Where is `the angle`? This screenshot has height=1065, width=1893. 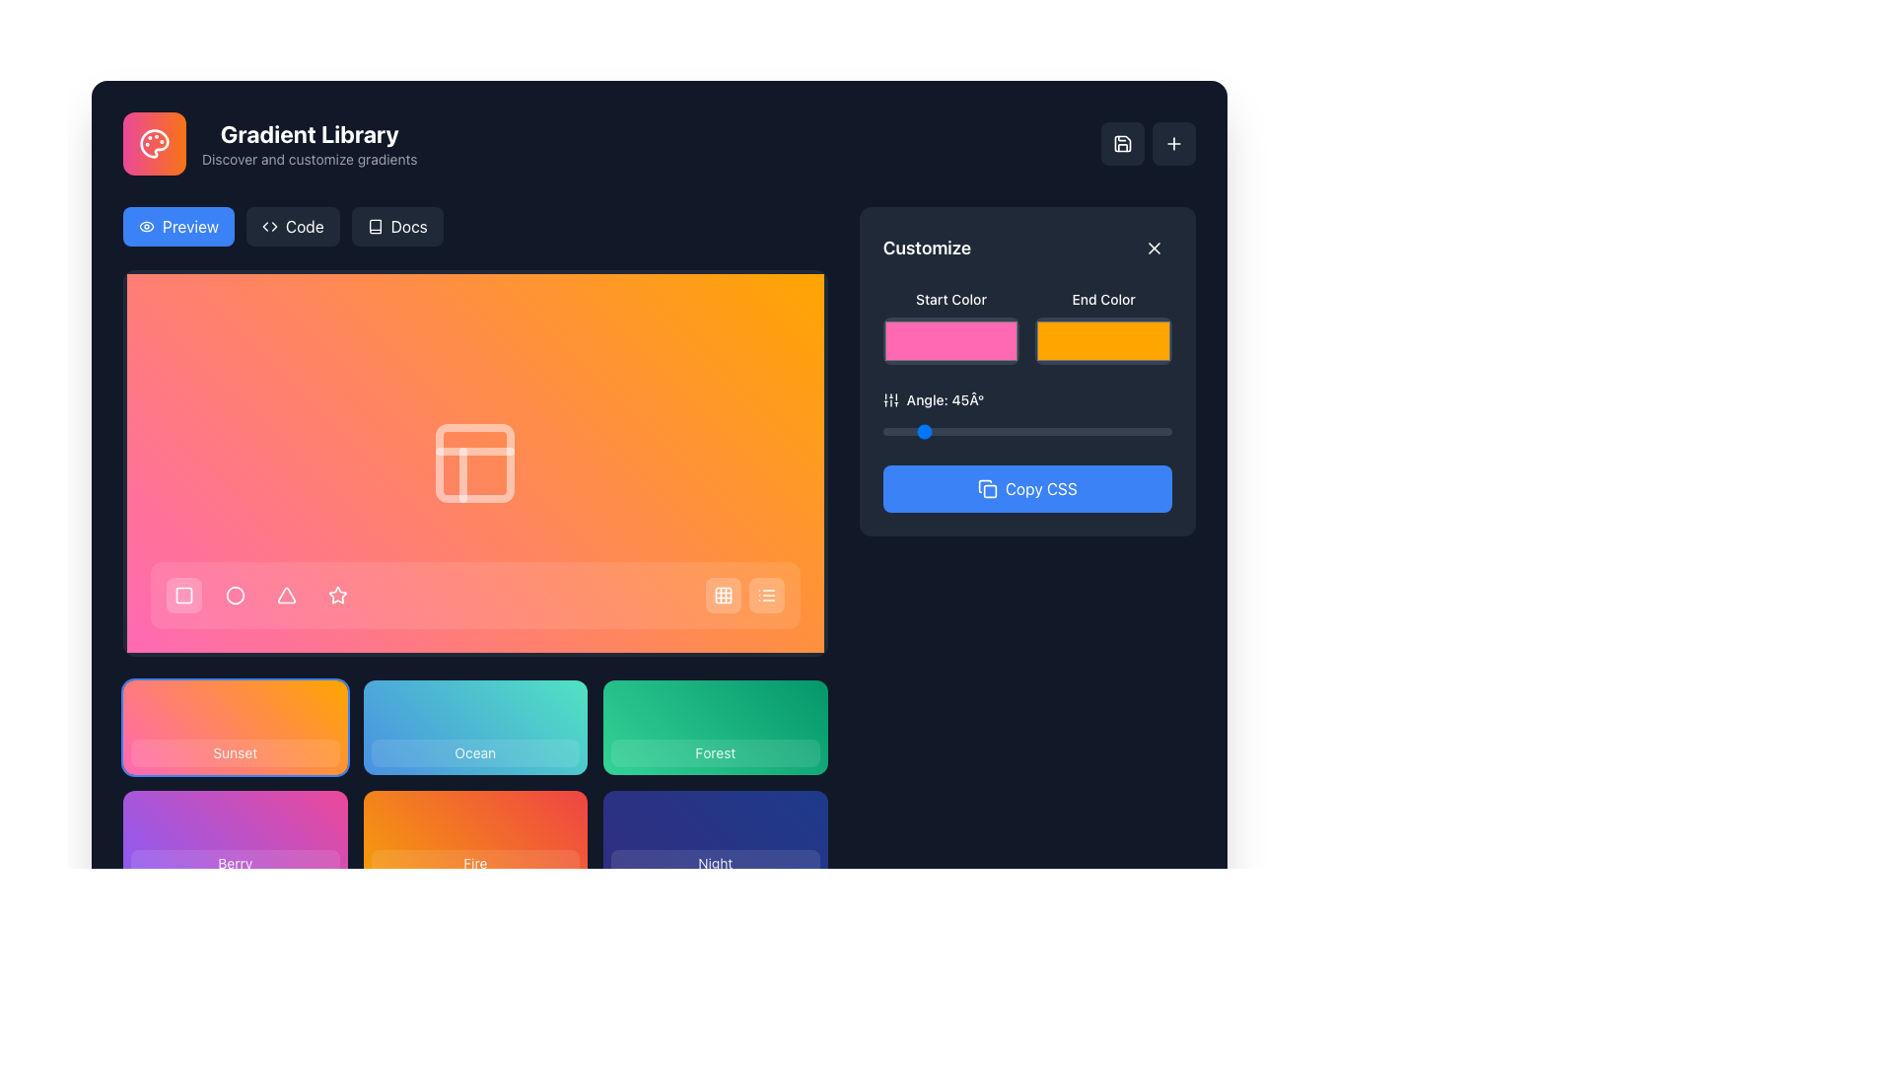
the angle is located at coordinates (1107, 431).